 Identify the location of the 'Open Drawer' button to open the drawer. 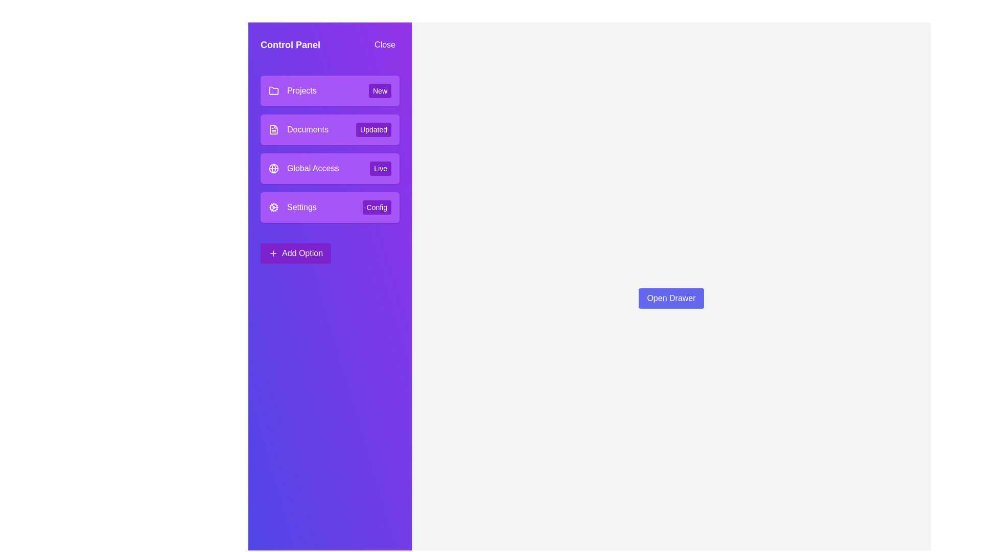
(671, 298).